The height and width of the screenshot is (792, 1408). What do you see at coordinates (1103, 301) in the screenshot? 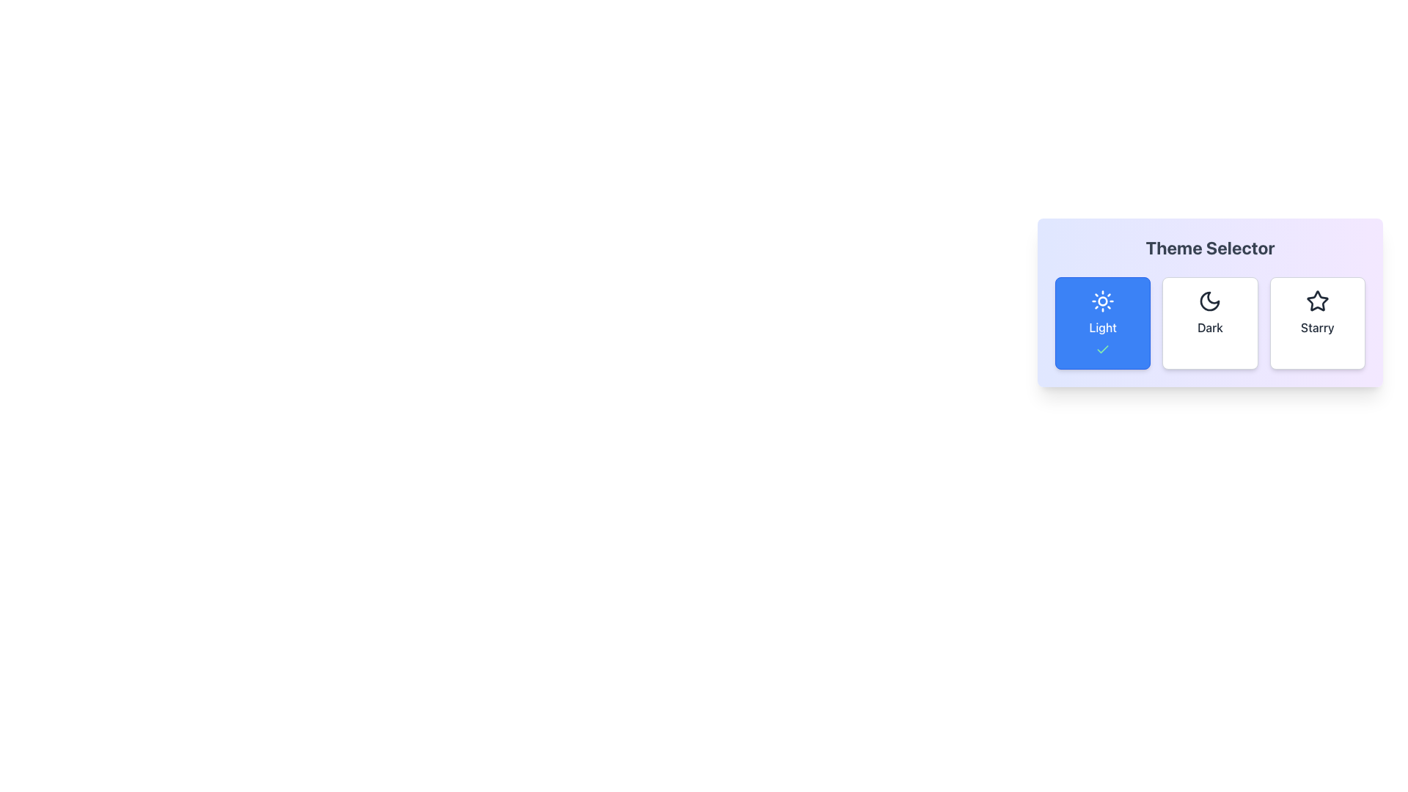
I see `the Decorative SVG circle element, which is the central circle of the sun-shaped icon within the leftmost 'Light' theme selection button` at bounding box center [1103, 301].